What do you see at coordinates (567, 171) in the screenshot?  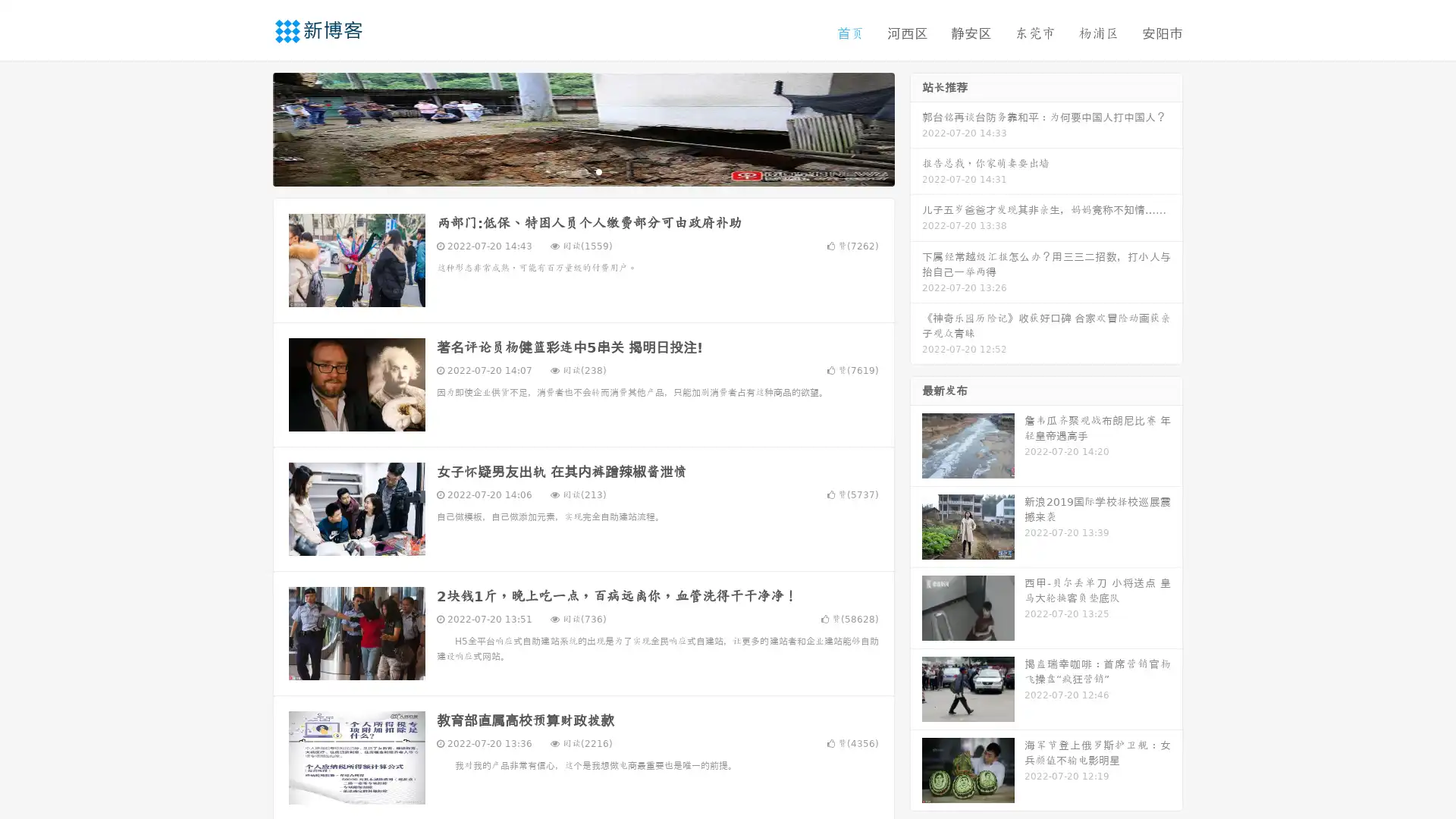 I see `Go to slide 1` at bounding box center [567, 171].